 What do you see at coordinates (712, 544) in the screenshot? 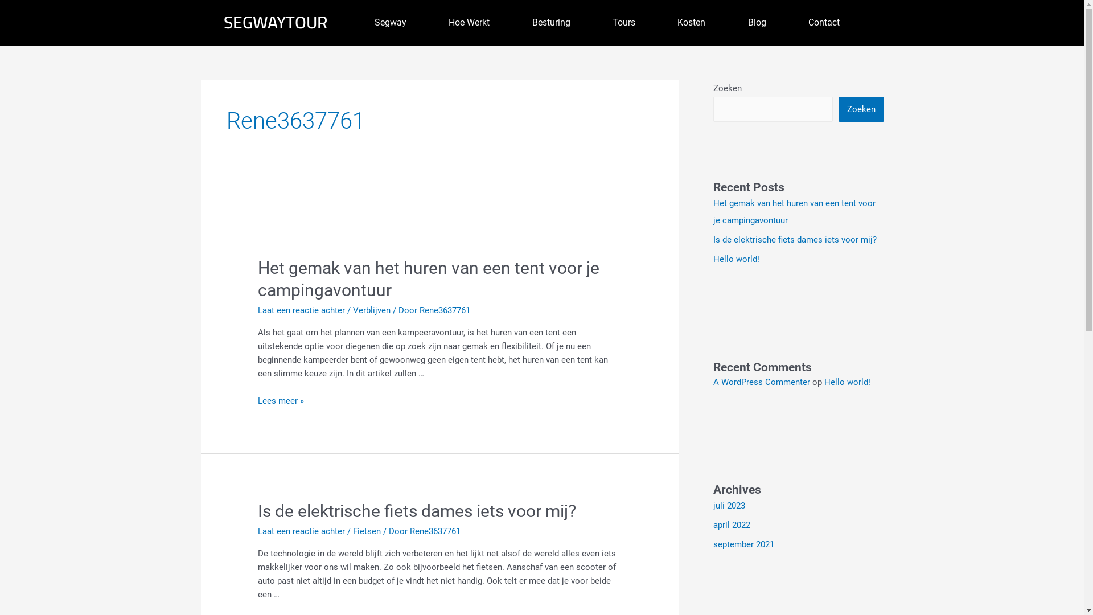
I see `'september 2021'` at bounding box center [712, 544].